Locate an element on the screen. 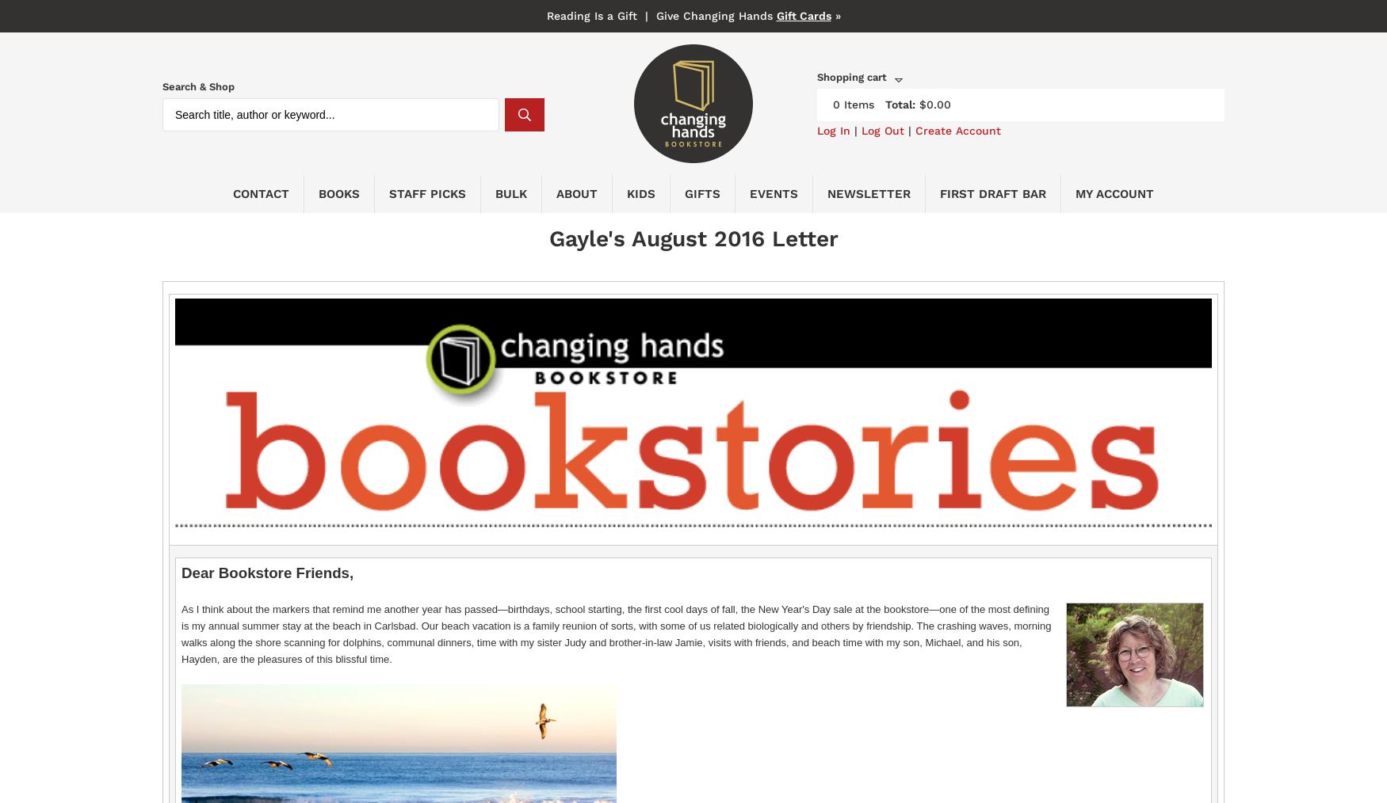 Image resolution: width=1387 pixels, height=803 pixels. 'MY ACCOUNT' is located at coordinates (1114, 192).